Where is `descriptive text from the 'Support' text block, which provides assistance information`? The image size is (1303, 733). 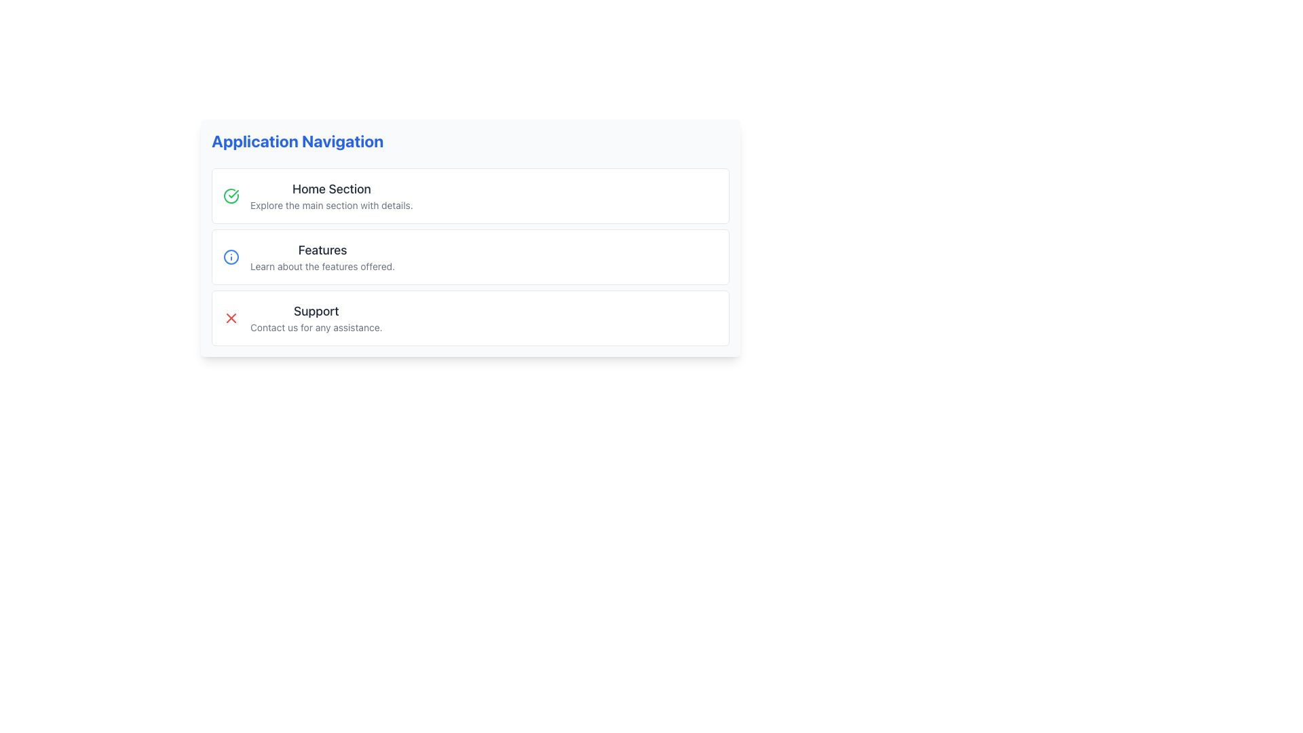
descriptive text from the 'Support' text block, which provides assistance information is located at coordinates (316, 318).